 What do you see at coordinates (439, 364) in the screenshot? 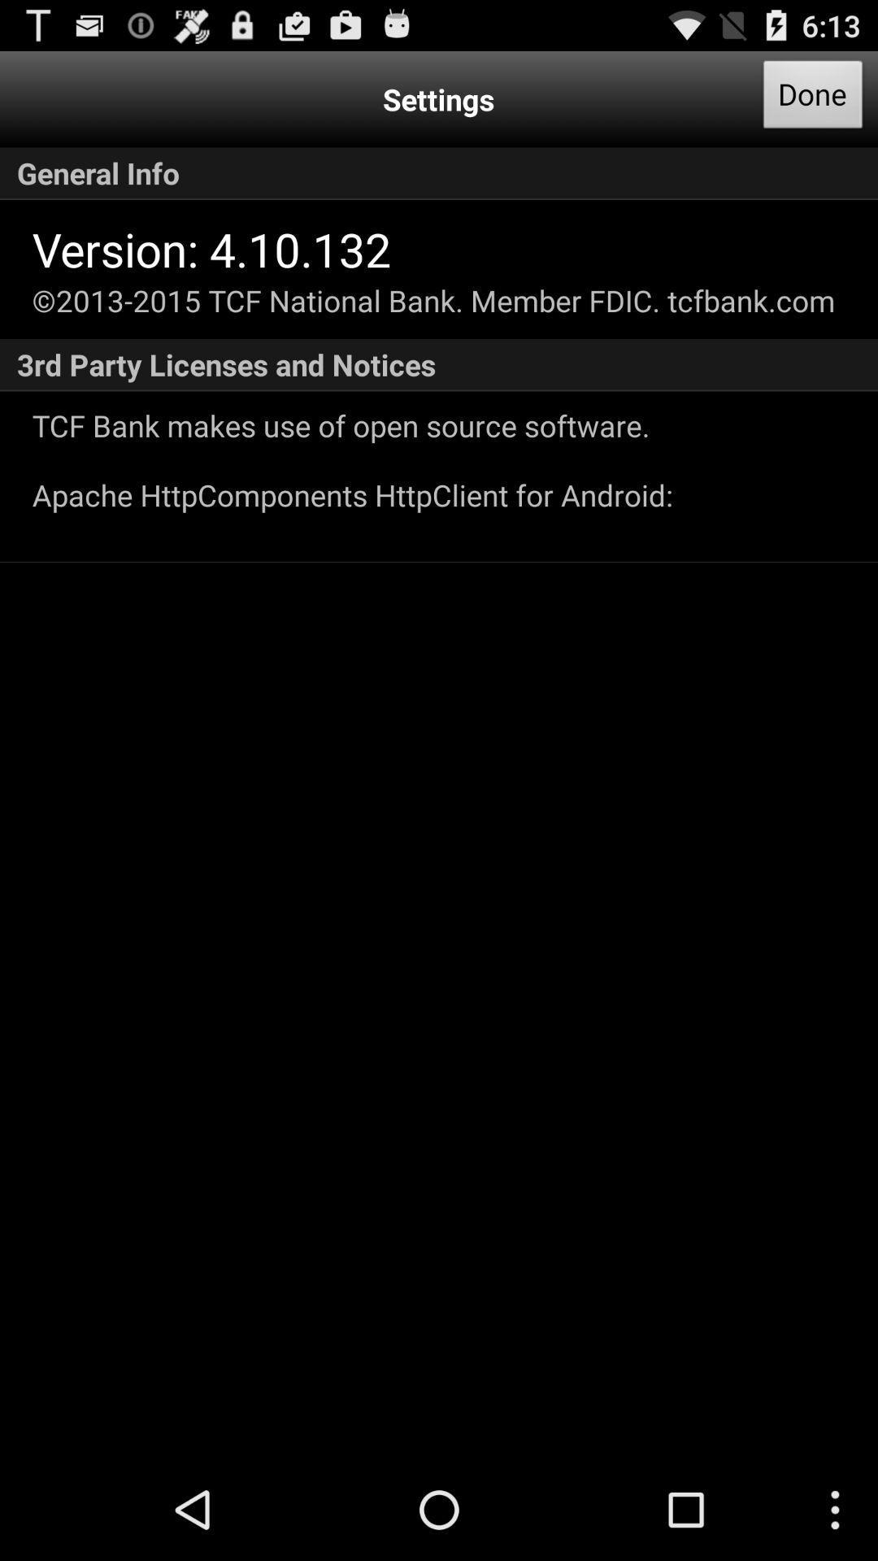
I see `the item above tcf bank makes item` at bounding box center [439, 364].